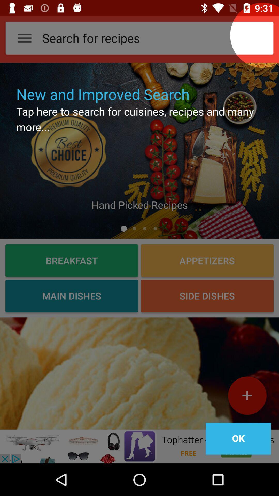 This screenshot has height=496, width=279. What do you see at coordinates (139, 446) in the screenshot?
I see `advertisement image` at bounding box center [139, 446].